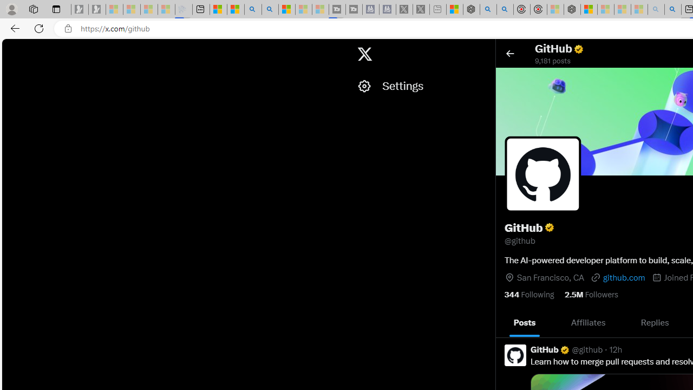  Describe the element at coordinates (543, 174) in the screenshot. I see `'Square profile picture and Opens profile photo'` at that location.